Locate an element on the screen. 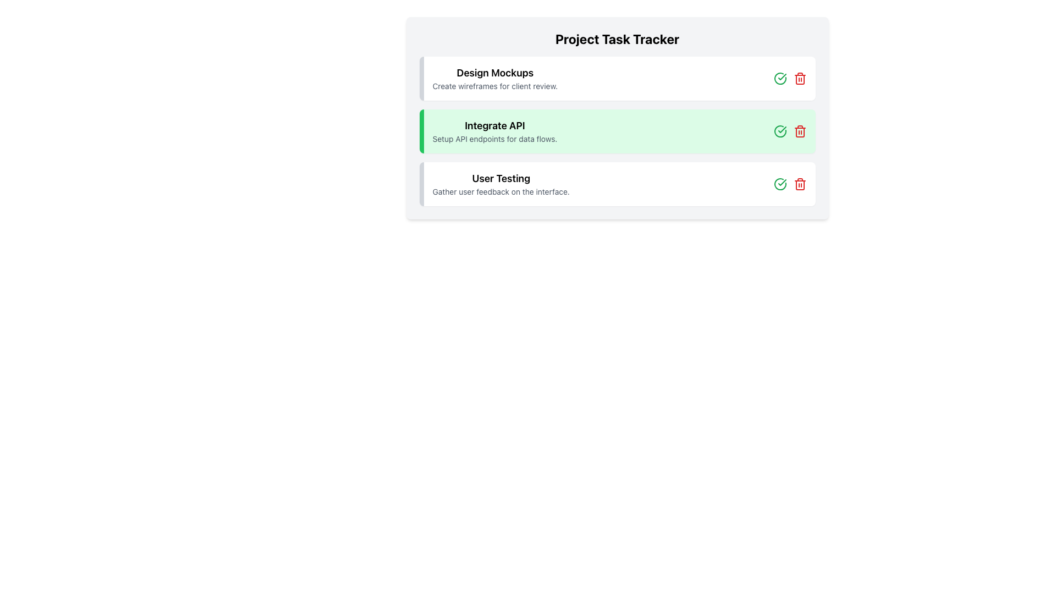 The height and width of the screenshot is (594, 1056). the red trash bin icon button located at the far-right of the 'Integrate API' row in the 'Project Task Tracker' interface is located at coordinates (800, 131).